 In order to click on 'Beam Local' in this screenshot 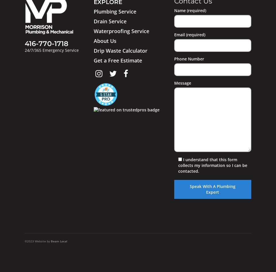, I will do `click(50, 241)`.